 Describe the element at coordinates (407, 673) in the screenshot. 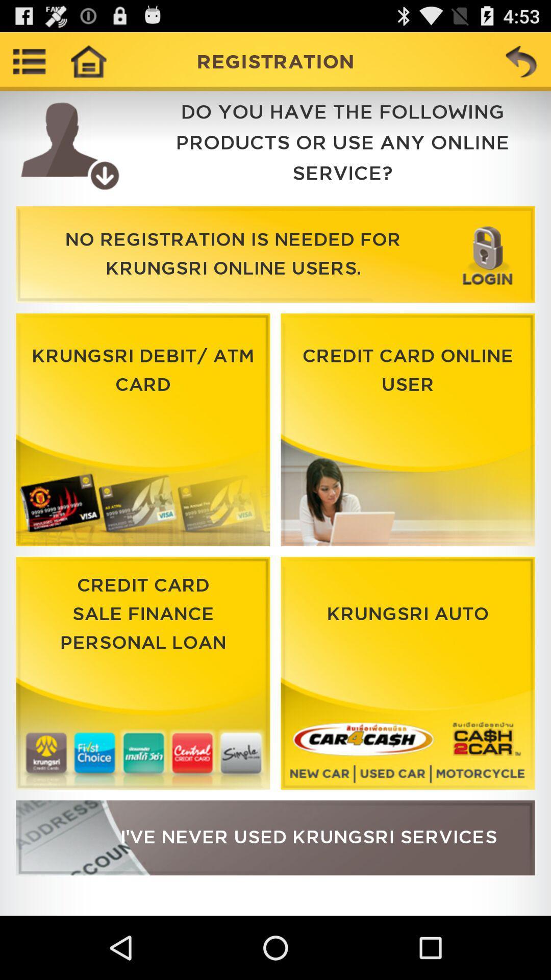

I see `click on option` at that location.